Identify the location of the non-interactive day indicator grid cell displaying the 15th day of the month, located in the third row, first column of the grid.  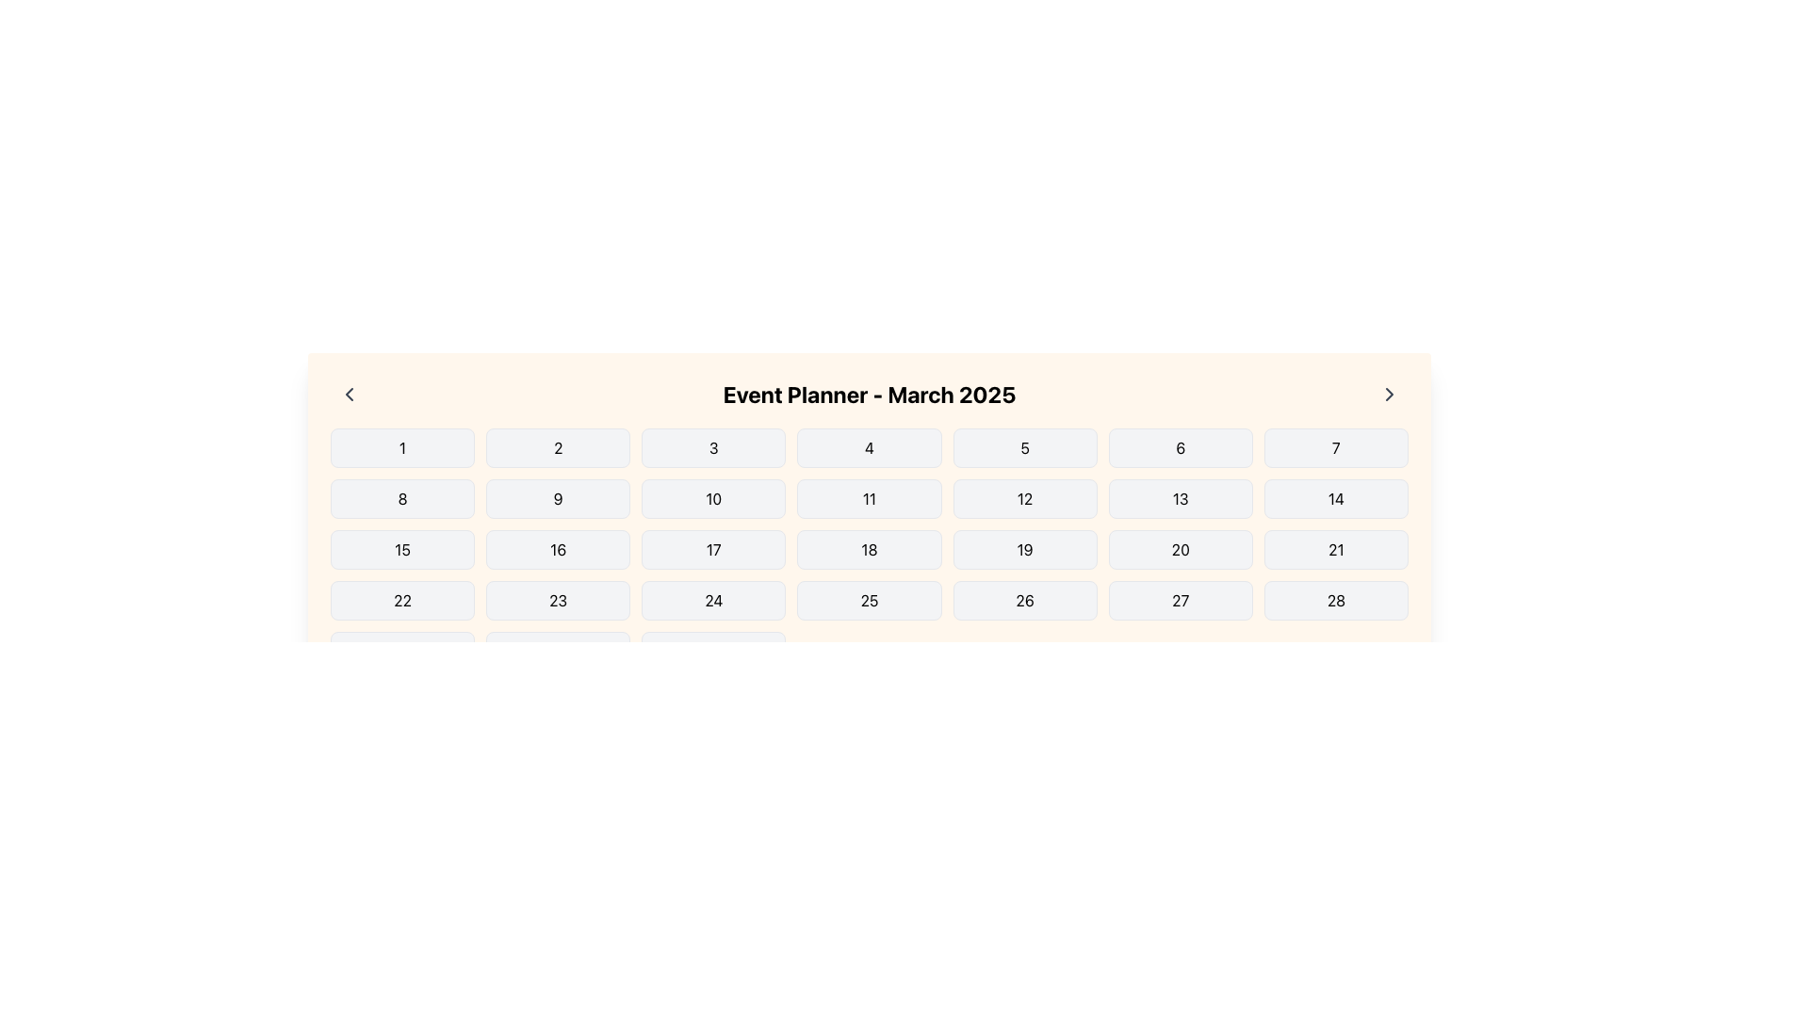
(401, 549).